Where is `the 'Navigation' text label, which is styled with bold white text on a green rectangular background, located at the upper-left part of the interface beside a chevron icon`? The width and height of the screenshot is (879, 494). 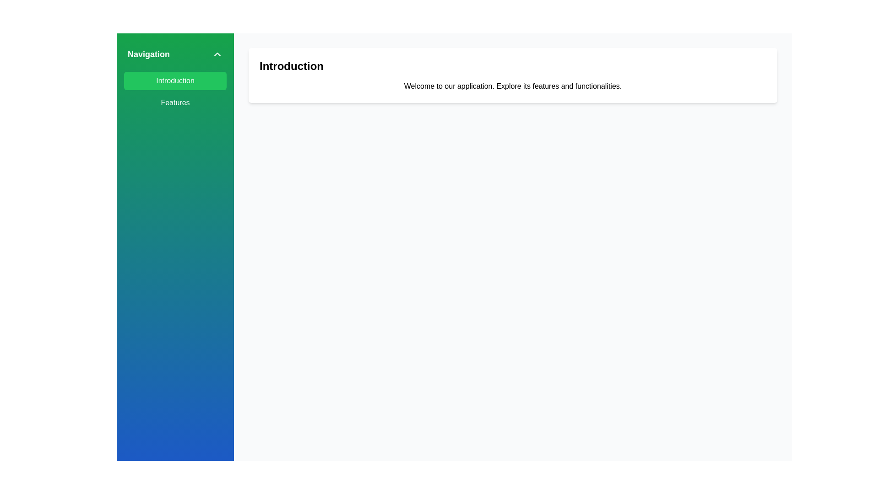 the 'Navigation' text label, which is styled with bold white text on a green rectangular background, located at the upper-left part of the interface beside a chevron icon is located at coordinates (149, 54).